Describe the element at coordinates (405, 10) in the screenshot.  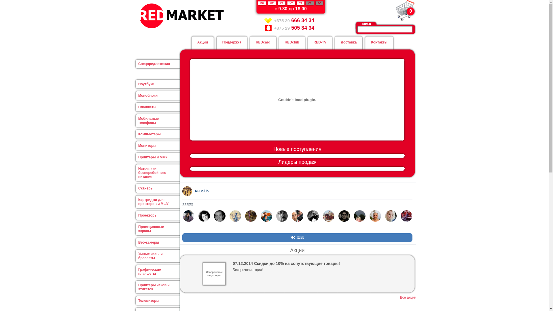
I see `'0'` at that location.